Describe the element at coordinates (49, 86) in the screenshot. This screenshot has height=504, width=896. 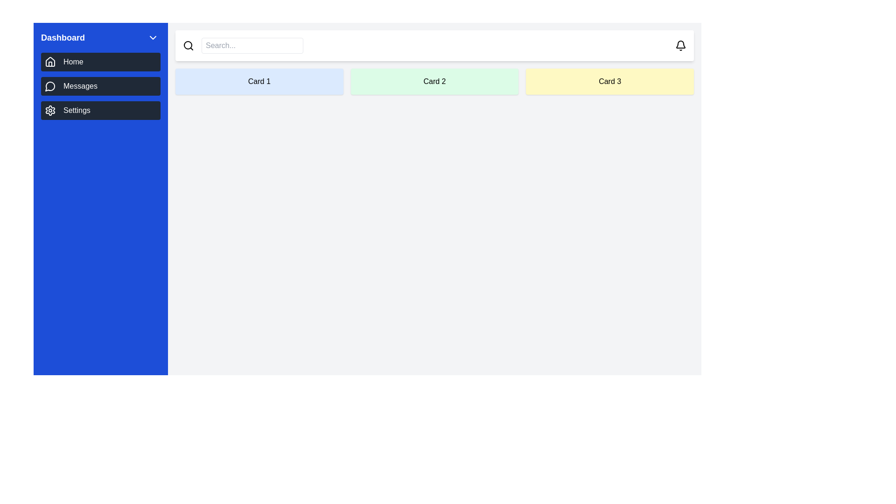
I see `the speech bubble icon in the navigation menu` at that location.